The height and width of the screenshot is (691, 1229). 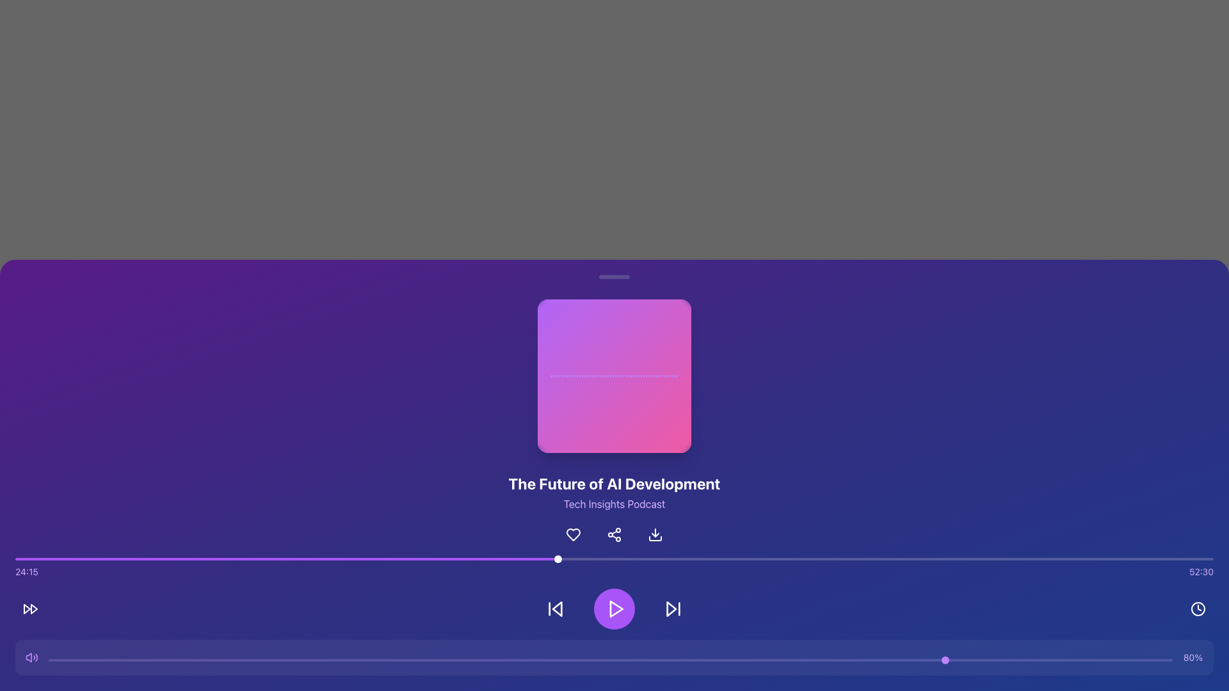 What do you see at coordinates (576, 660) in the screenshot?
I see `the slider position` at bounding box center [576, 660].